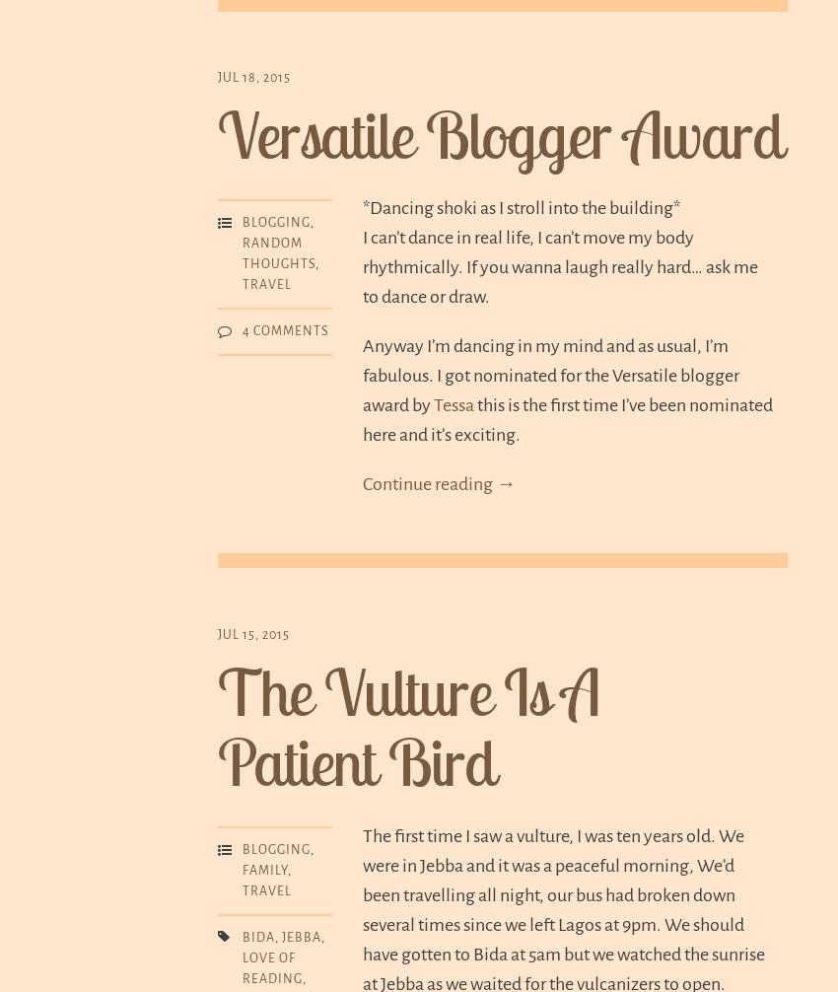 The image size is (838, 992). What do you see at coordinates (281, 936) in the screenshot?
I see `'Jebba'` at bounding box center [281, 936].